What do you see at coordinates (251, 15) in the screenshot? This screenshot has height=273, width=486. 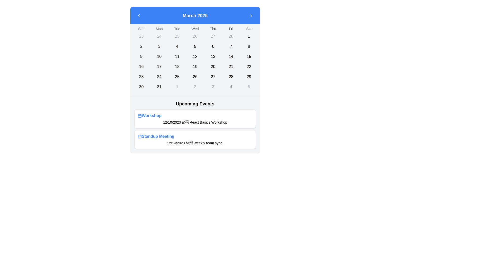 I see `the right chevron icon located in the blue header panel near the top-right corner` at bounding box center [251, 15].